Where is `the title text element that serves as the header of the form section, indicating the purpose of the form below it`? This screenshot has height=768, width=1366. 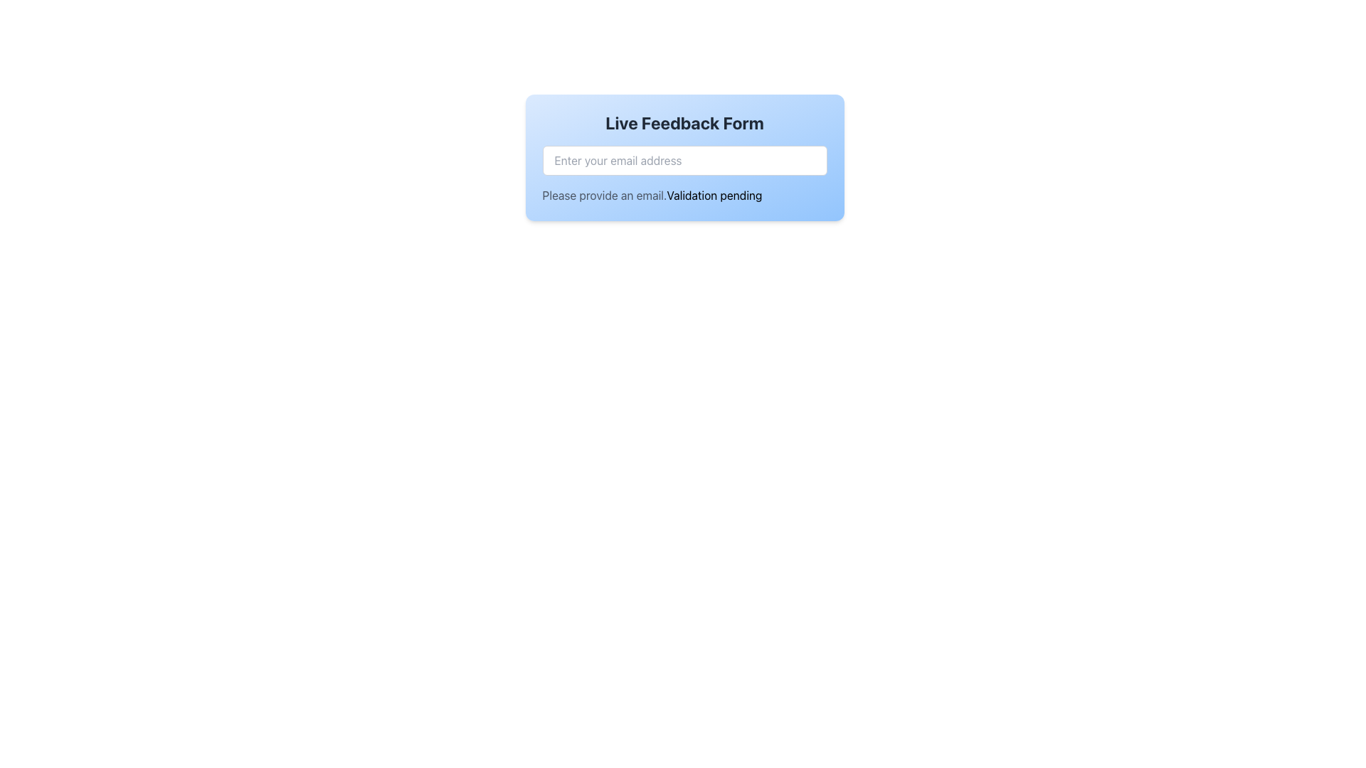
the title text element that serves as the header of the form section, indicating the purpose of the form below it is located at coordinates (684, 122).